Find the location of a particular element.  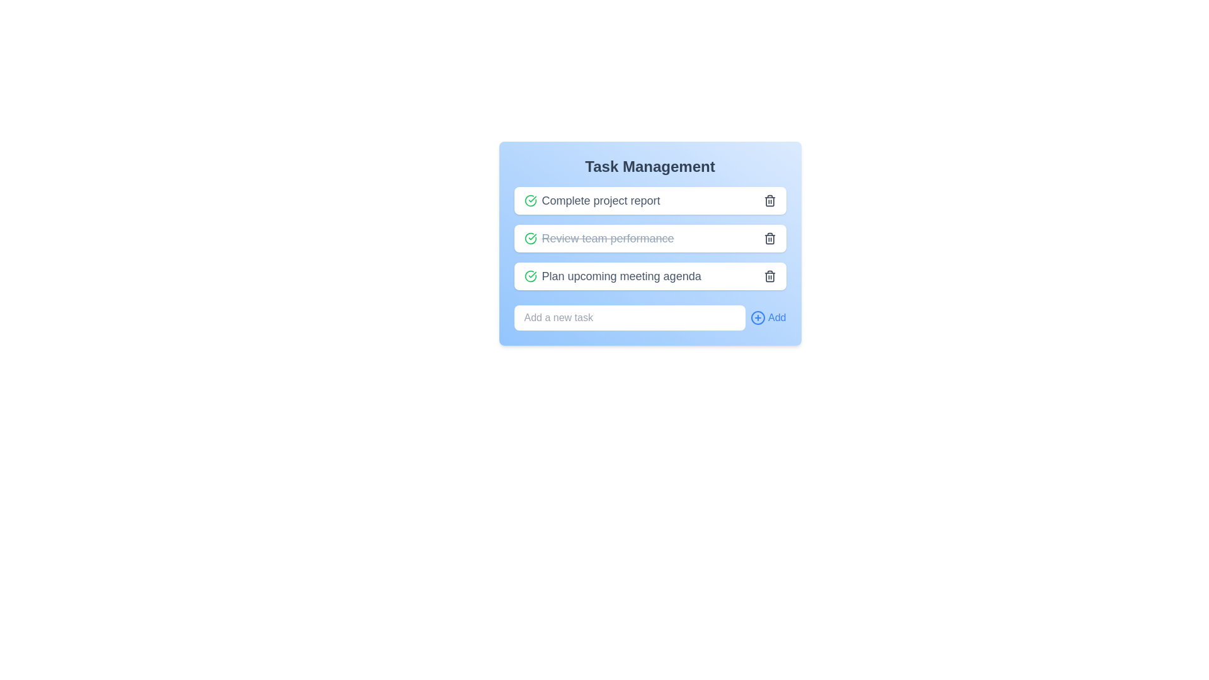

the Trash body icon, which is part of the delete functionality and located to the far right of the second task item, adjacent to the text 'Review team performance' is located at coordinates (769, 239).